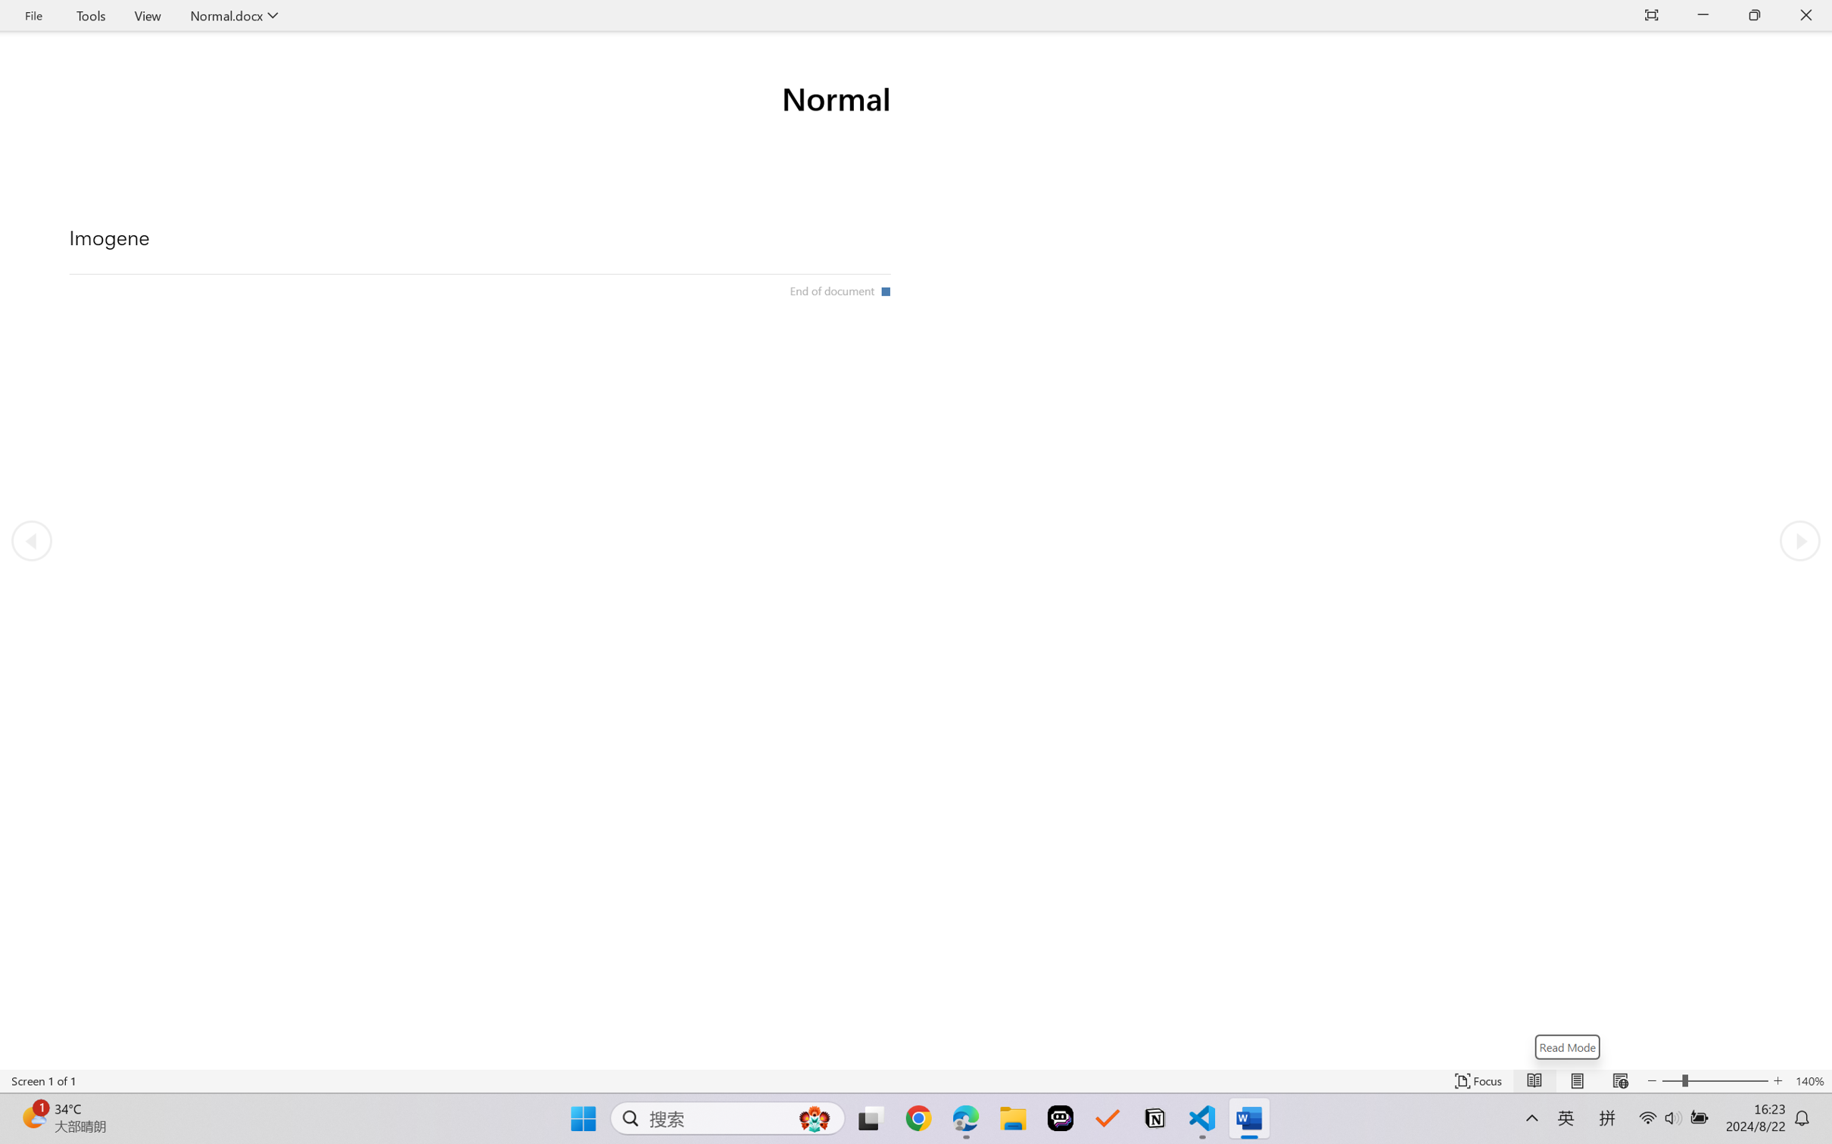  I want to click on 'Page Number Screen 1 of 1 ', so click(43, 1080).